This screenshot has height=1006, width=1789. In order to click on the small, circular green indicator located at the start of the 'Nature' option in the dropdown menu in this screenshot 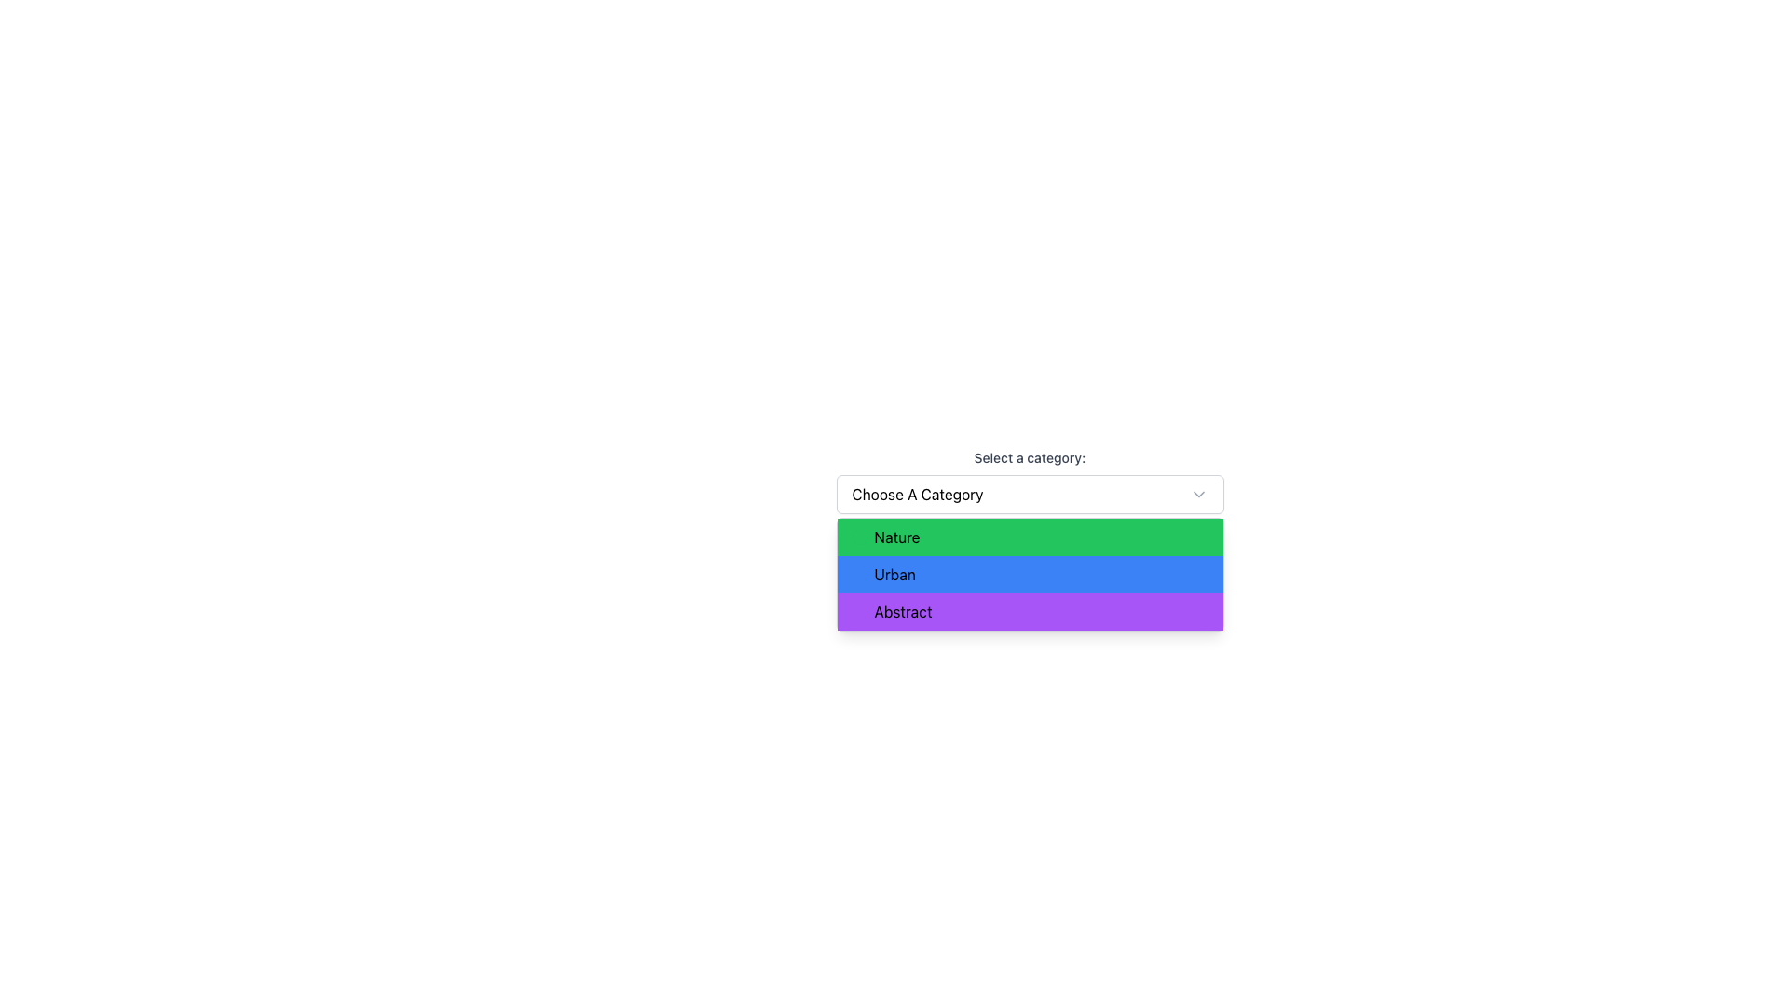, I will do `click(858, 537)`.